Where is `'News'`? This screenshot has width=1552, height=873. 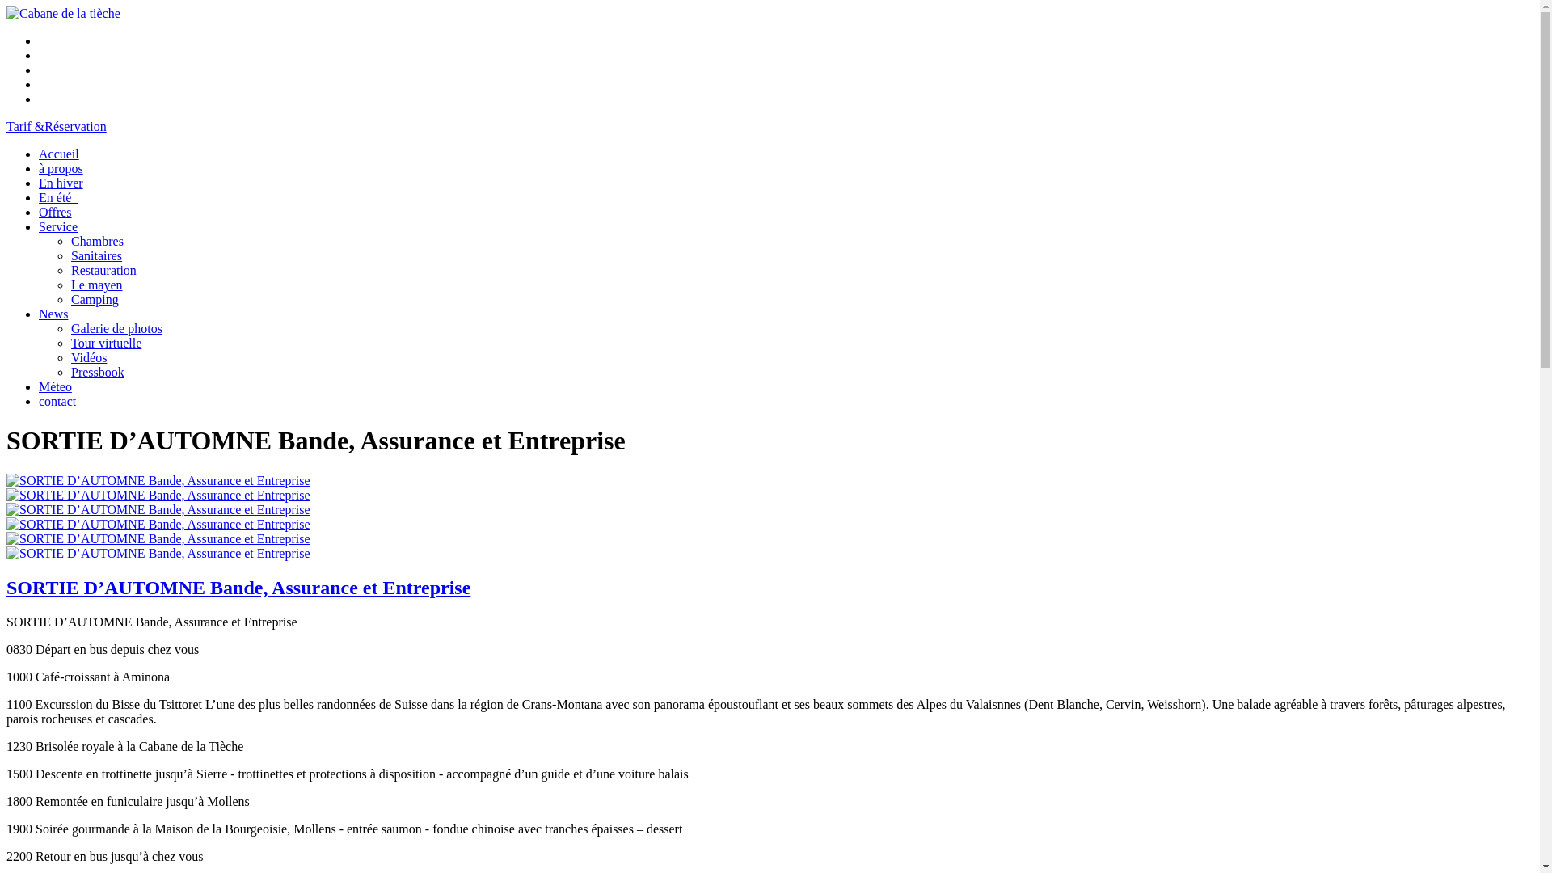 'News' is located at coordinates (53, 314).